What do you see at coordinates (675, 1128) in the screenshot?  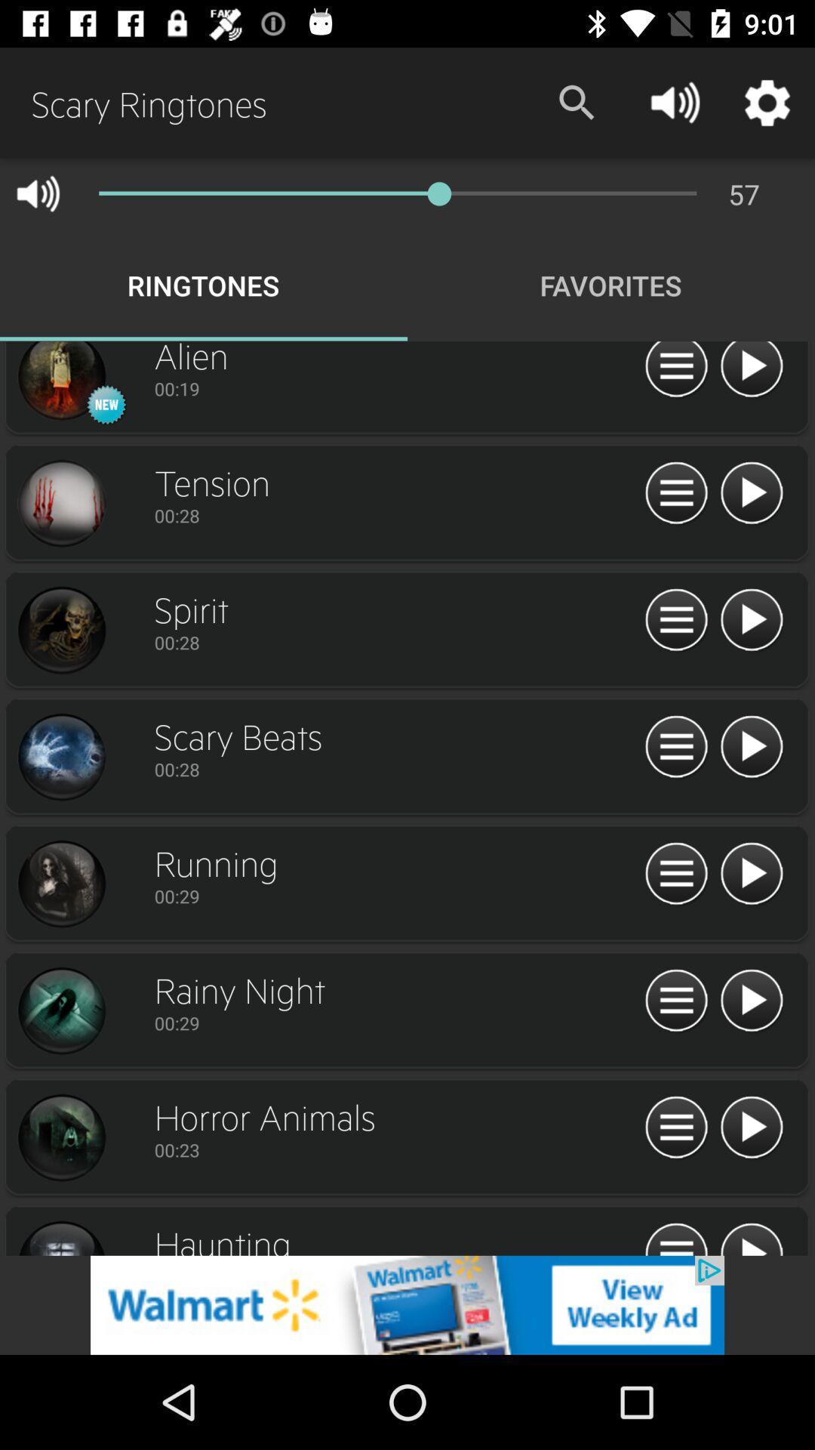 I see `open menu` at bounding box center [675, 1128].